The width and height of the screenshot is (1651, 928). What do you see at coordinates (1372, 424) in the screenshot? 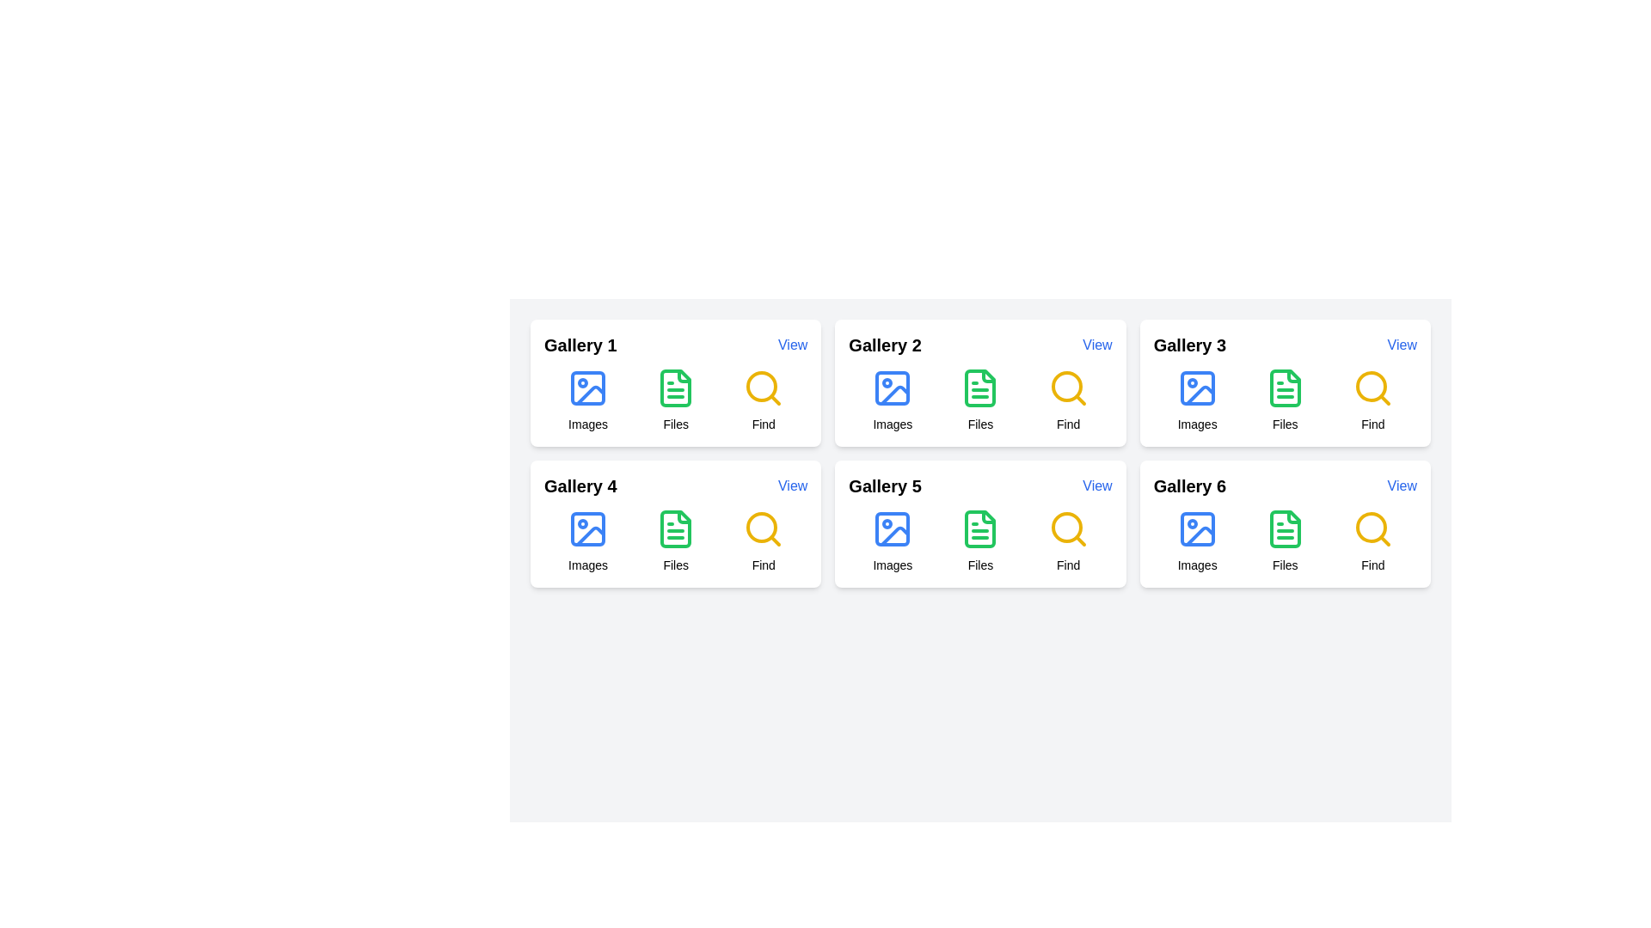
I see `the content of the label that serves as a descriptor for the search icon above it within the 'Gallery 3' card` at bounding box center [1372, 424].